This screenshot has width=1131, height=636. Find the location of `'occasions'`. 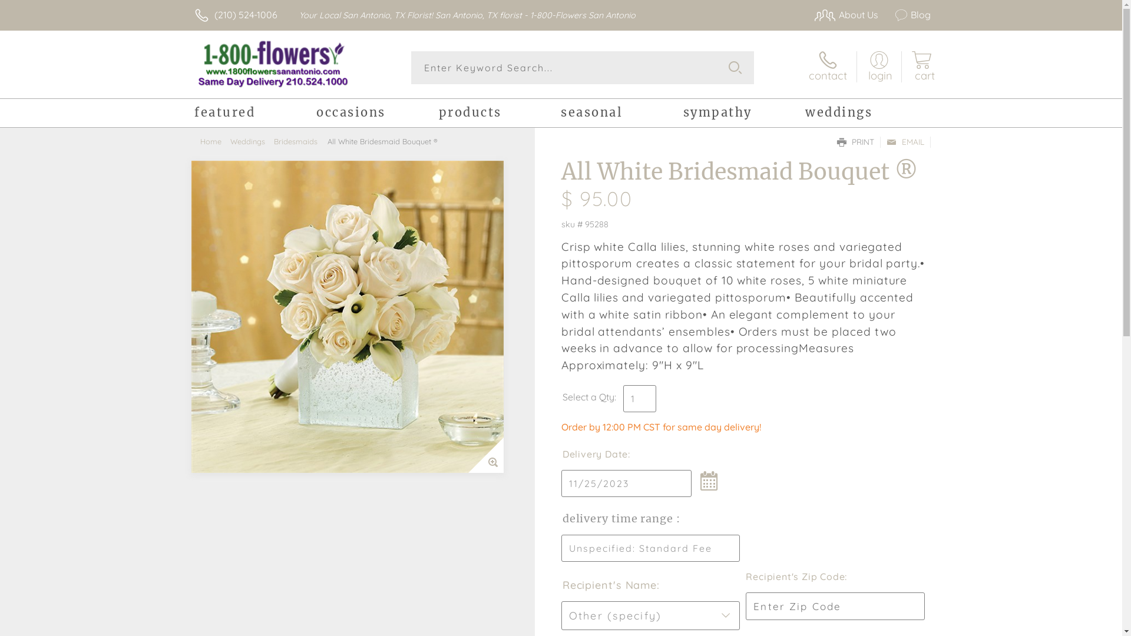

'occasions' is located at coordinates (377, 114).